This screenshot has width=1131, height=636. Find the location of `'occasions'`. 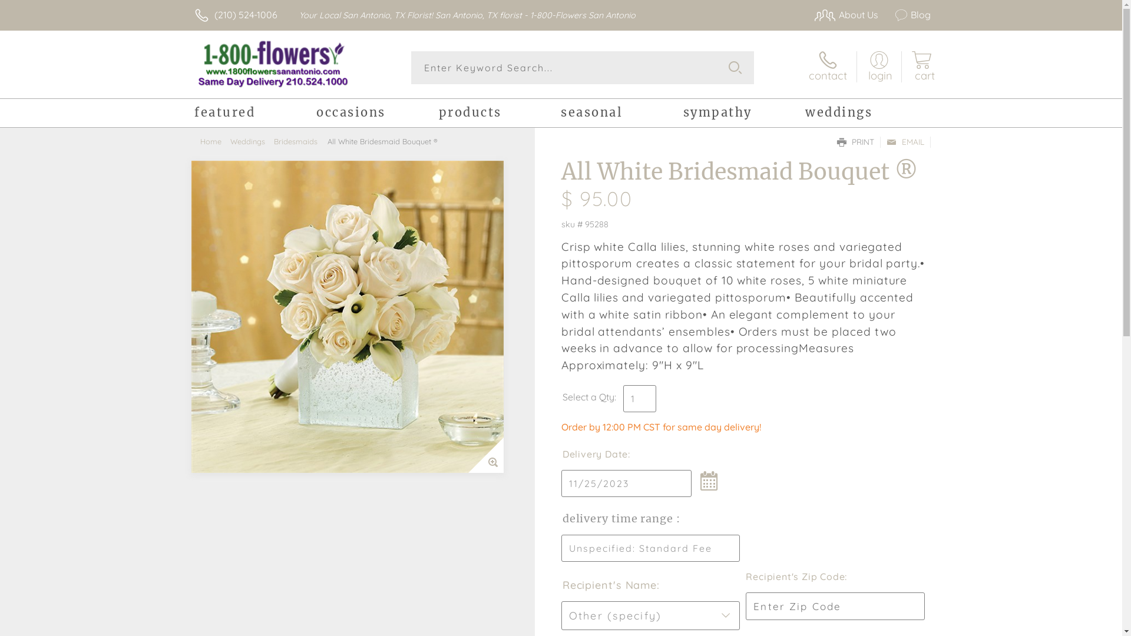

'occasions' is located at coordinates (377, 114).